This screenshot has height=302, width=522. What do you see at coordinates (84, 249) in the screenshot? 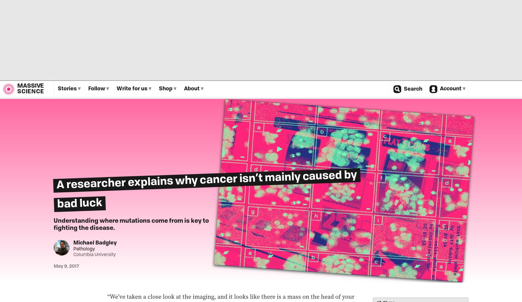
I see `'Pathology'` at bounding box center [84, 249].